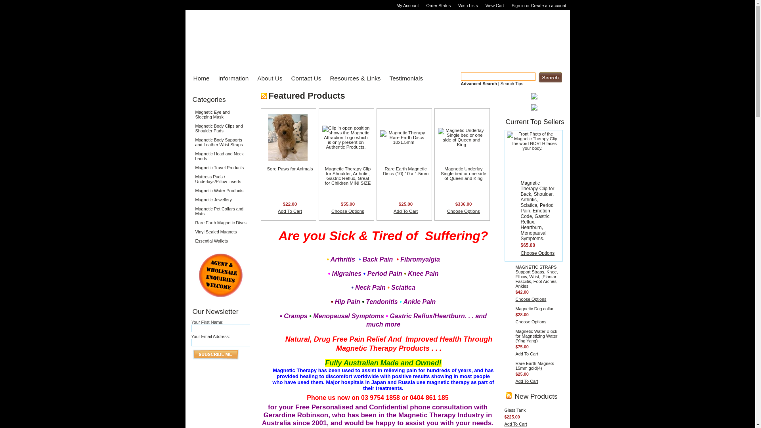 The image size is (761, 428). What do you see at coordinates (536, 336) in the screenshot?
I see `'Magnetic Water Block for Magnetizing Water (Ying Yang)'` at bounding box center [536, 336].